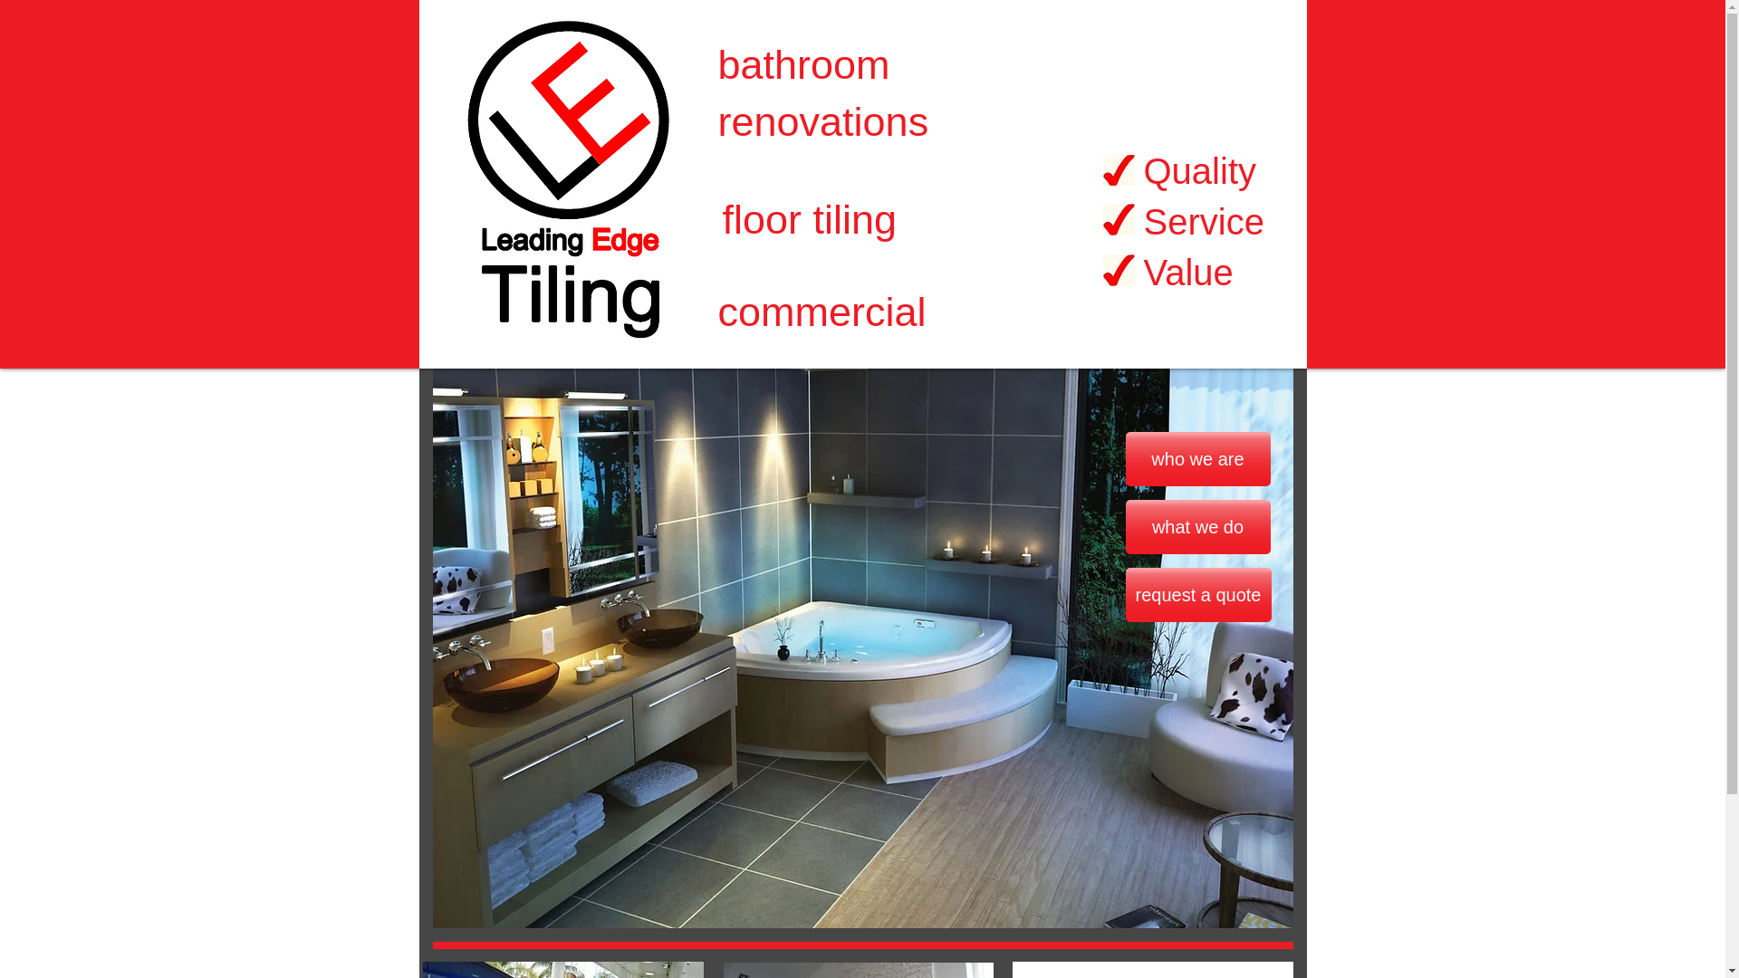  What do you see at coordinates (1196, 527) in the screenshot?
I see `'what we do'` at bounding box center [1196, 527].